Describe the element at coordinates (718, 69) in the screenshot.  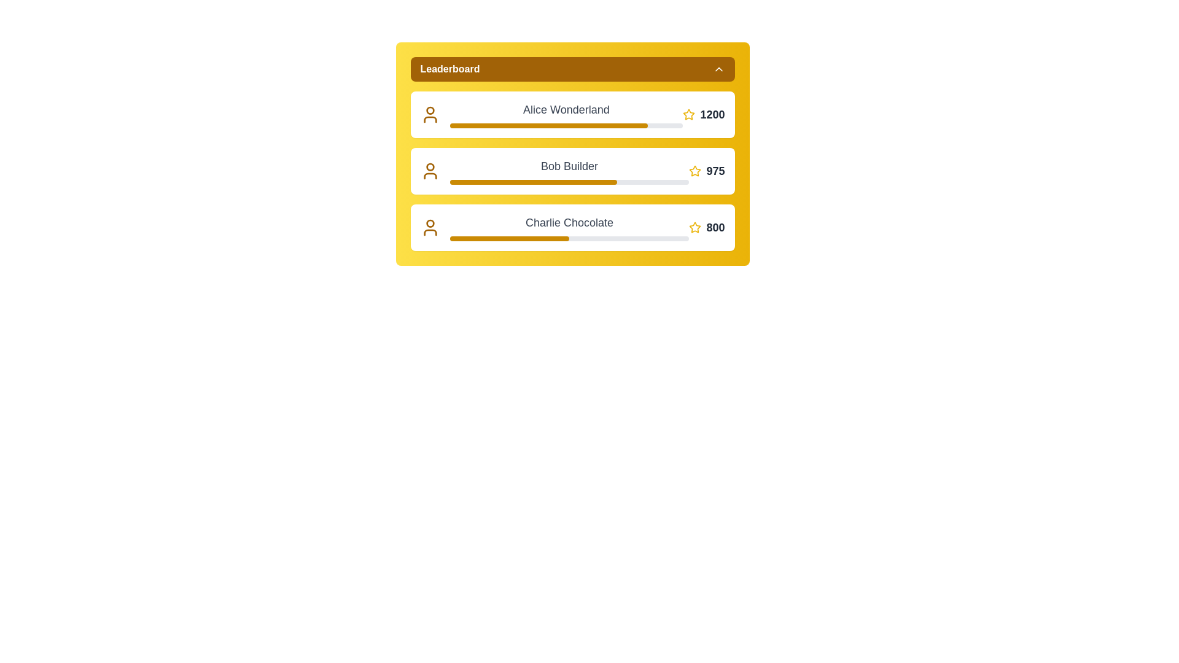
I see `the small upward-pointing arrow icon located to the right of the 'Leaderboard' header` at that location.